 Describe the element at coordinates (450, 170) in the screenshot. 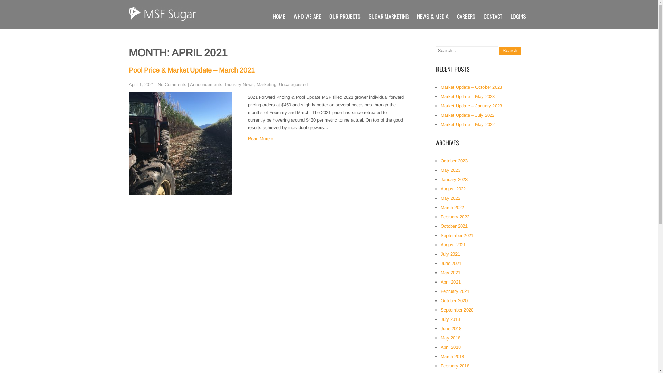

I see `'May 2023'` at that location.